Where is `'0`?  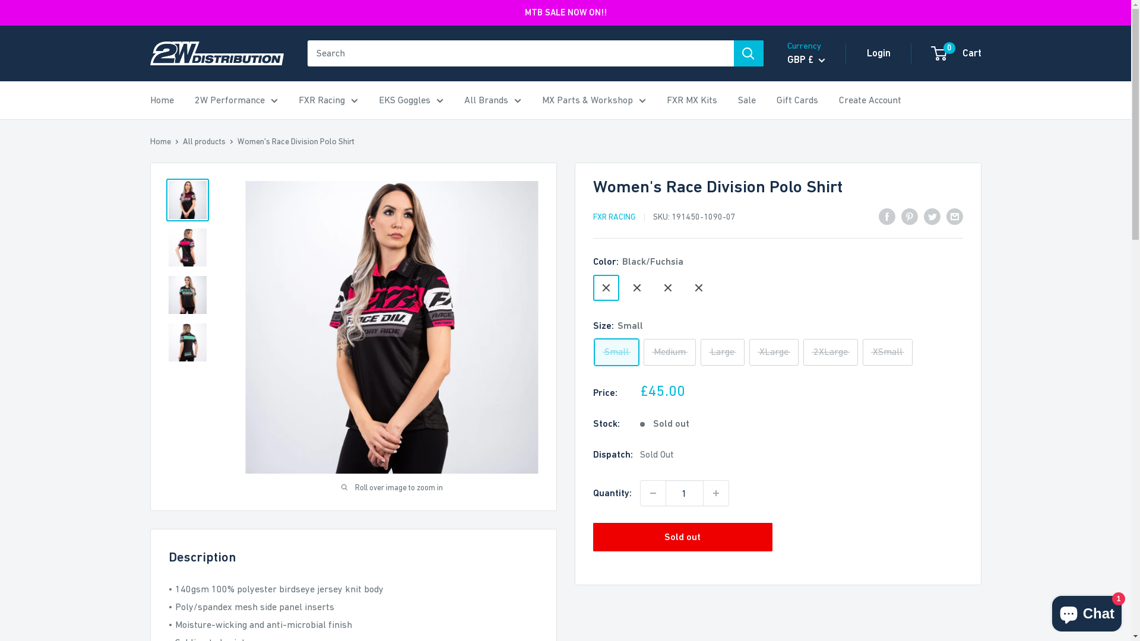 '0 is located at coordinates (957, 52).